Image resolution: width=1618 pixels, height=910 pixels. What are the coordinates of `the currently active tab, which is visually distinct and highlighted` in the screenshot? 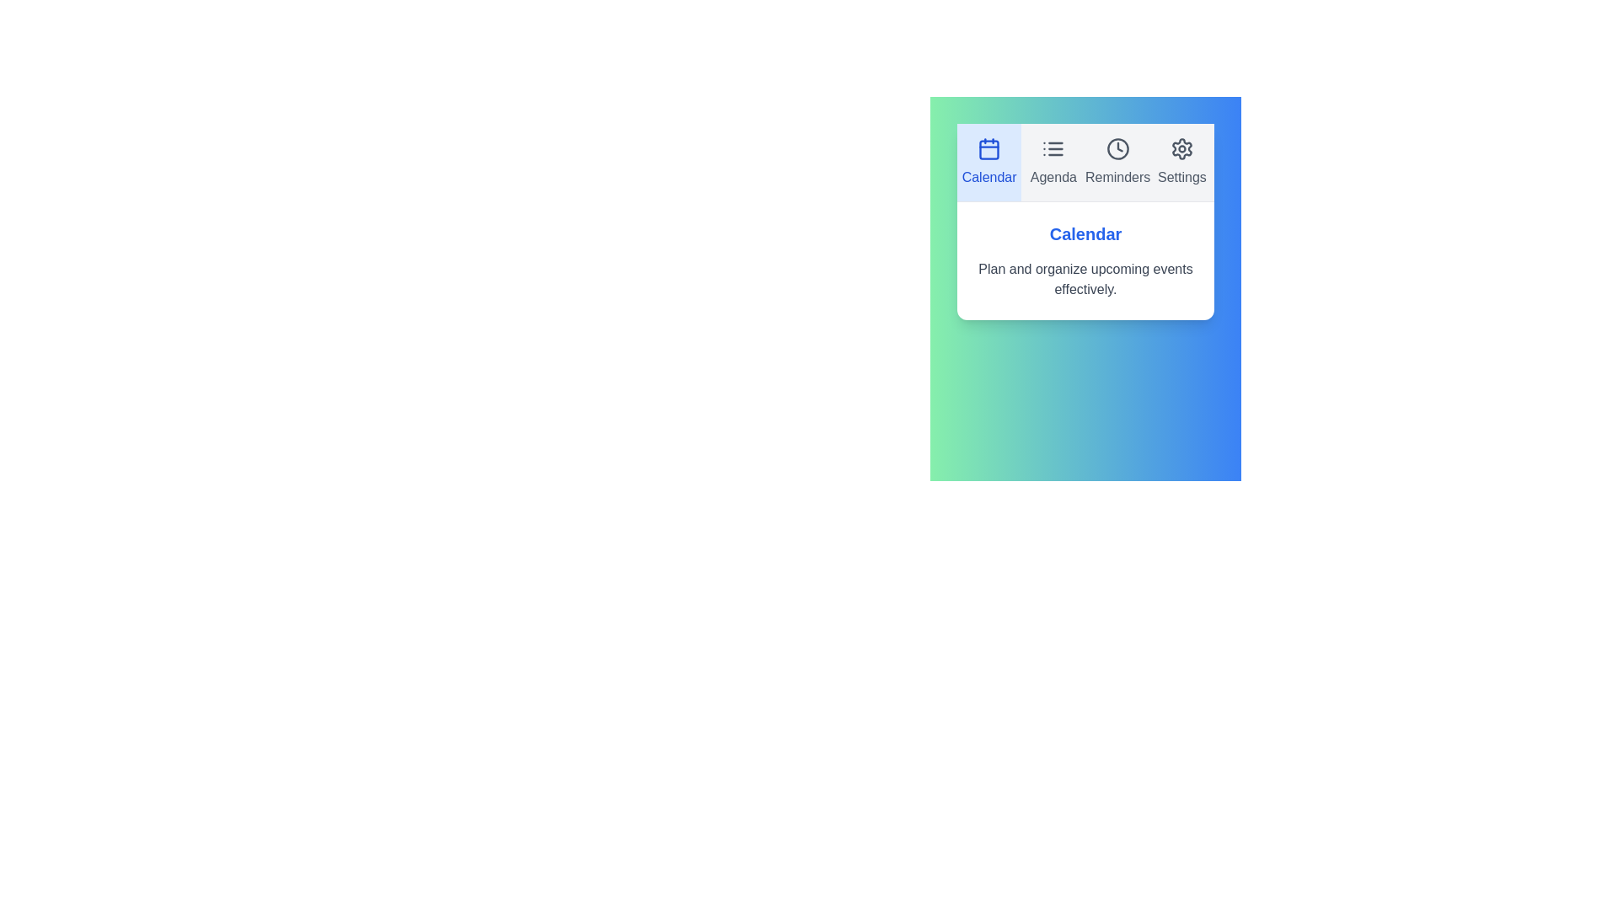 It's located at (989, 162).